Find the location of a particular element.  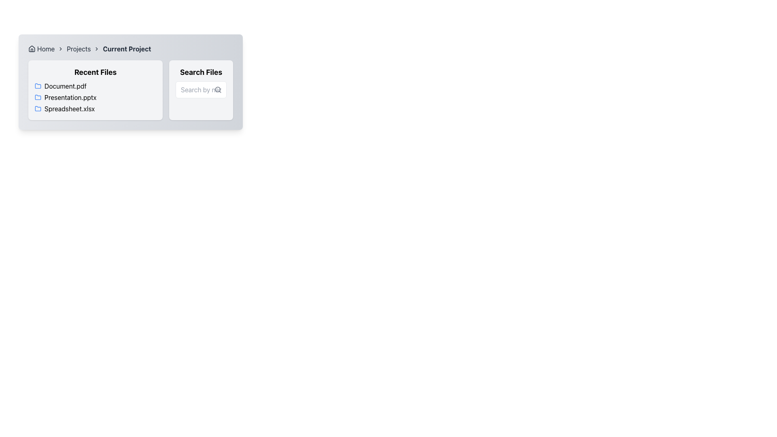

the 'Home' icon in the breadcrumb navigation is located at coordinates (32, 49).